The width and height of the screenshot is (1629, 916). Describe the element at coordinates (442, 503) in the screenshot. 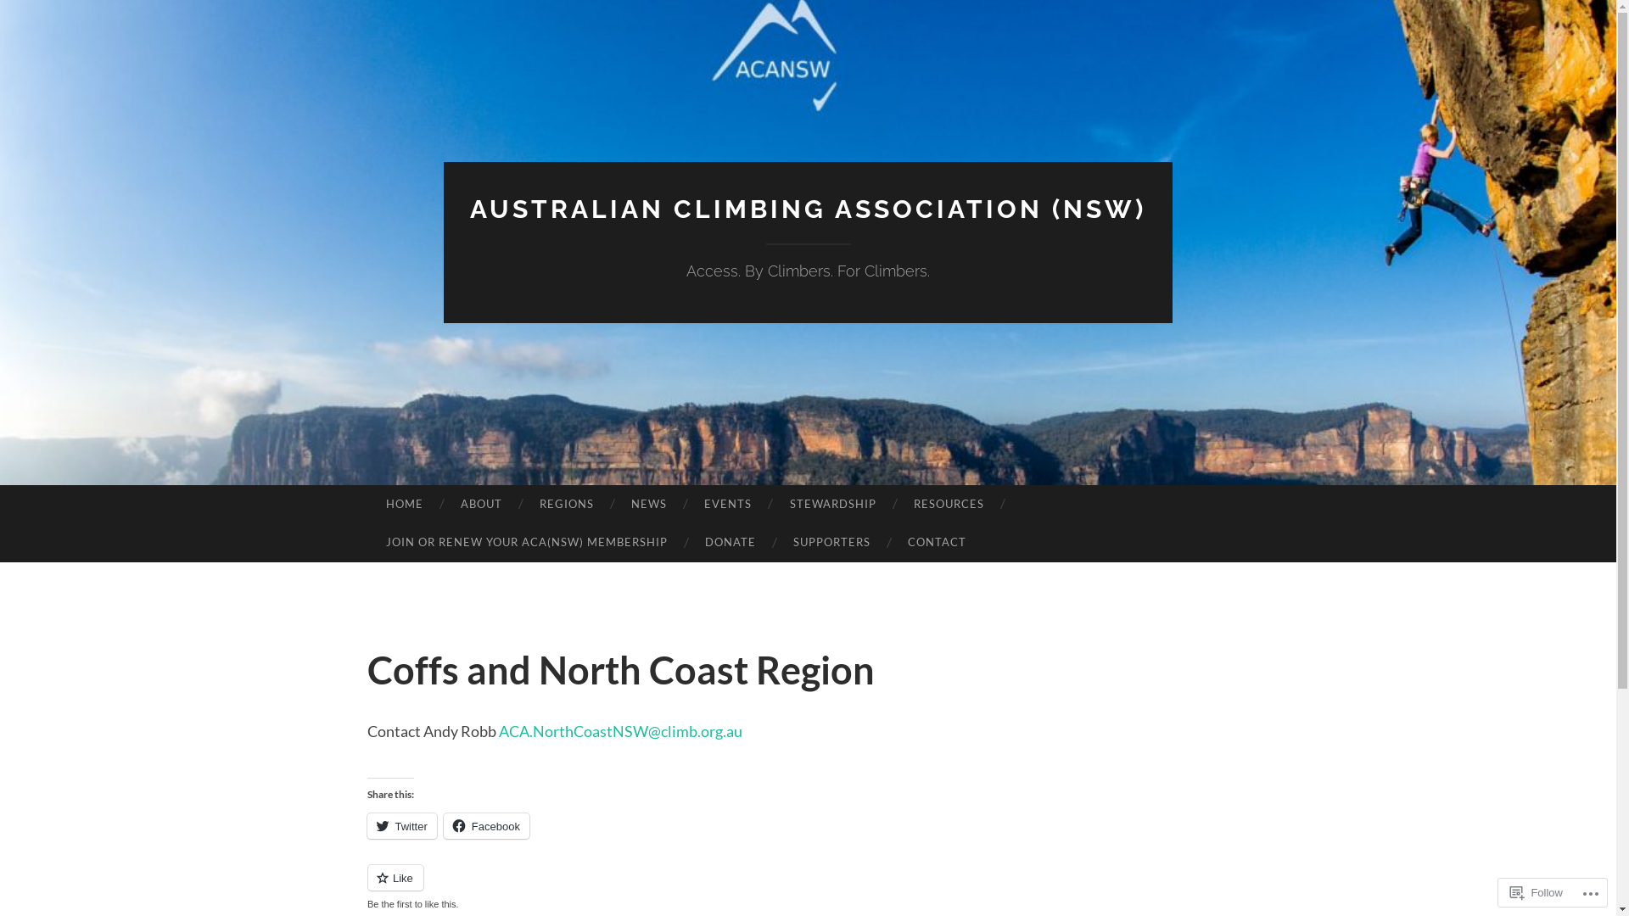

I see `'ABOUT'` at that location.